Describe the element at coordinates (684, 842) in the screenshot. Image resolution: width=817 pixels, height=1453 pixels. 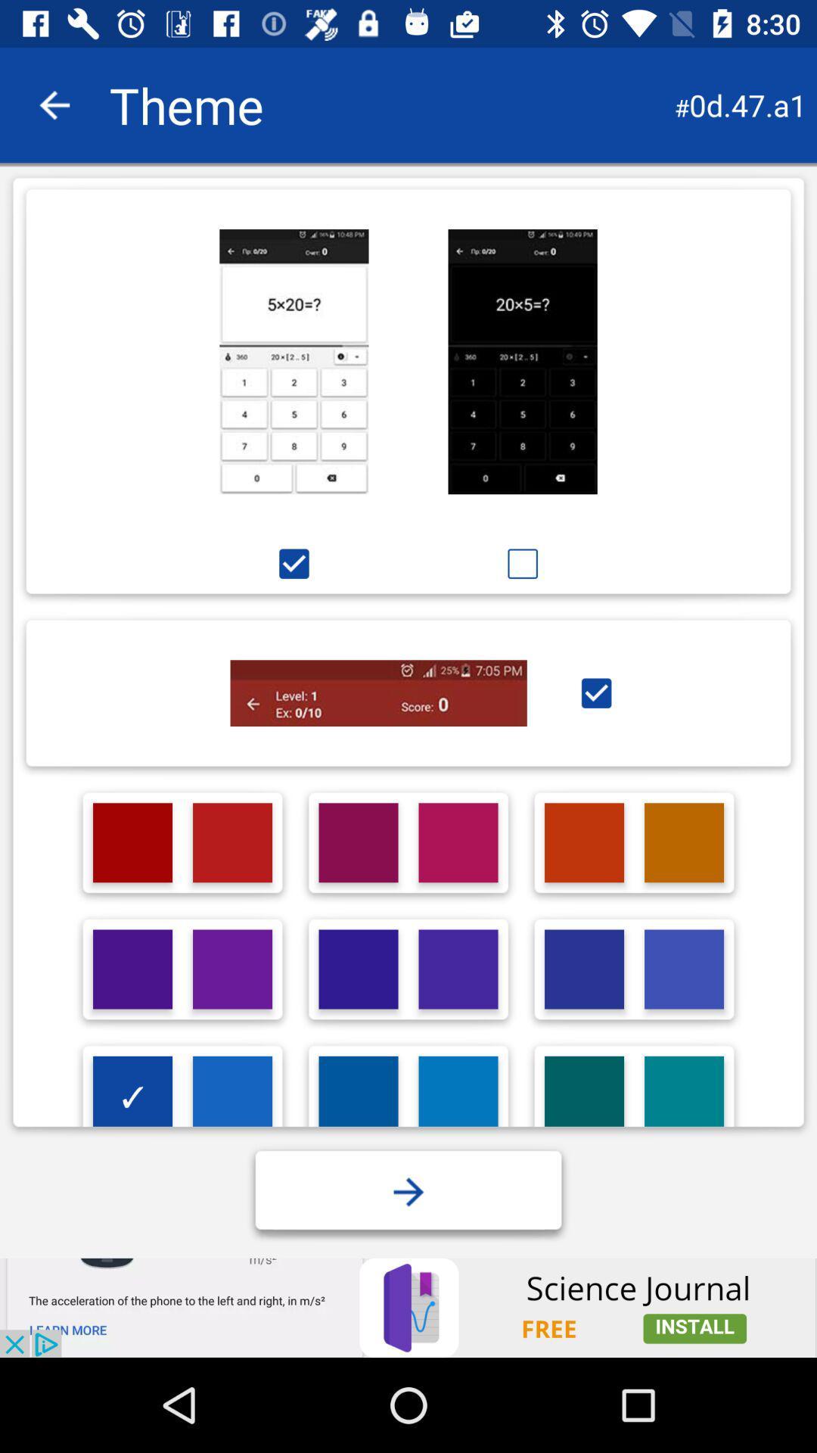
I see `click on theme` at that location.